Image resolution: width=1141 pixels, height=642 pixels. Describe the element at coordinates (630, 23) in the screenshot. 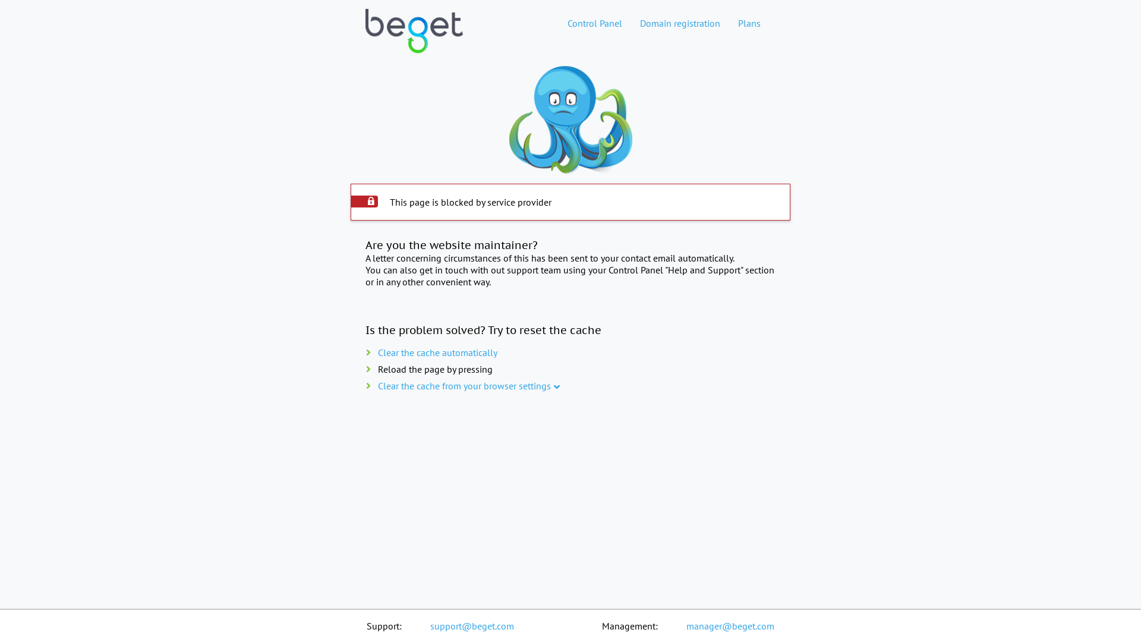

I see `'Domain registration'` at that location.